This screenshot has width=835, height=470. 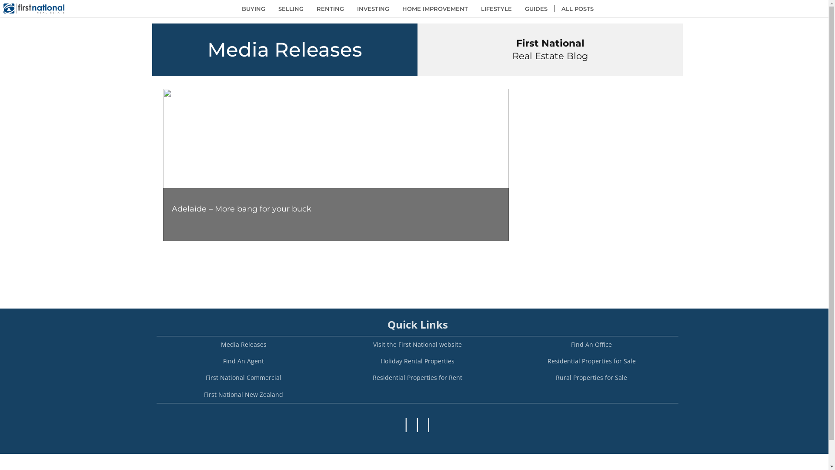 I want to click on 'RENTING', so click(x=329, y=8).